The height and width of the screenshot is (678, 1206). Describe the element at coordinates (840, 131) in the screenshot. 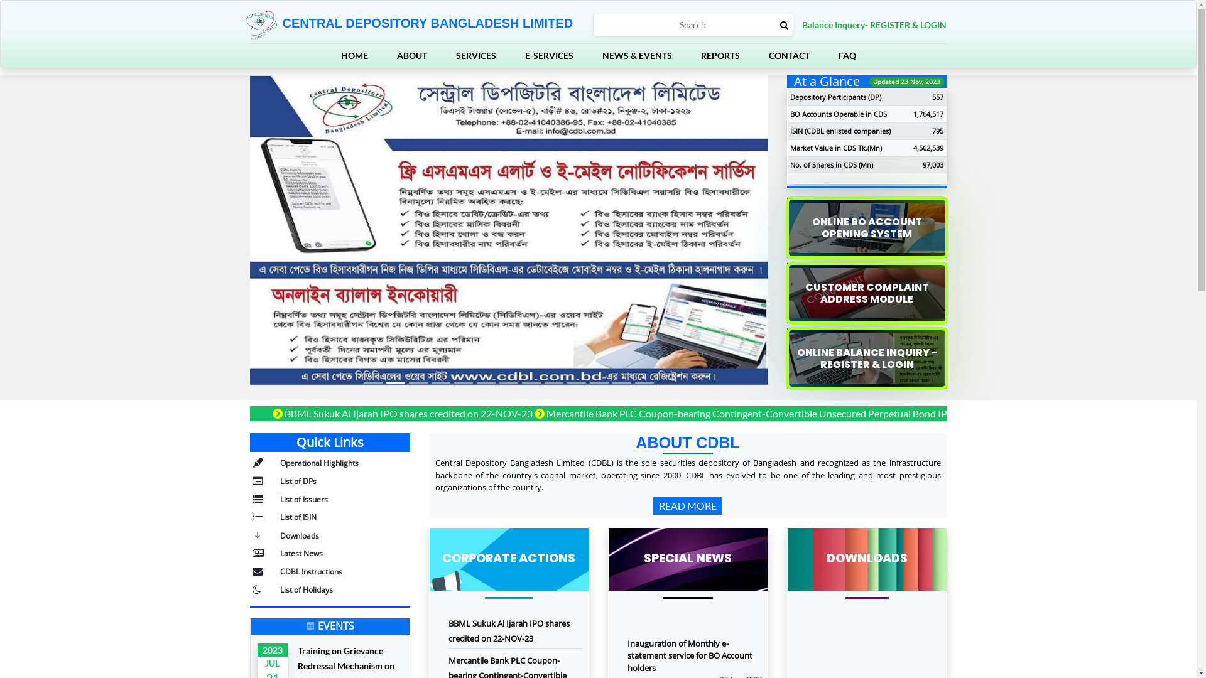

I see `'ISIN (CDBL enlisted companies)'` at that location.